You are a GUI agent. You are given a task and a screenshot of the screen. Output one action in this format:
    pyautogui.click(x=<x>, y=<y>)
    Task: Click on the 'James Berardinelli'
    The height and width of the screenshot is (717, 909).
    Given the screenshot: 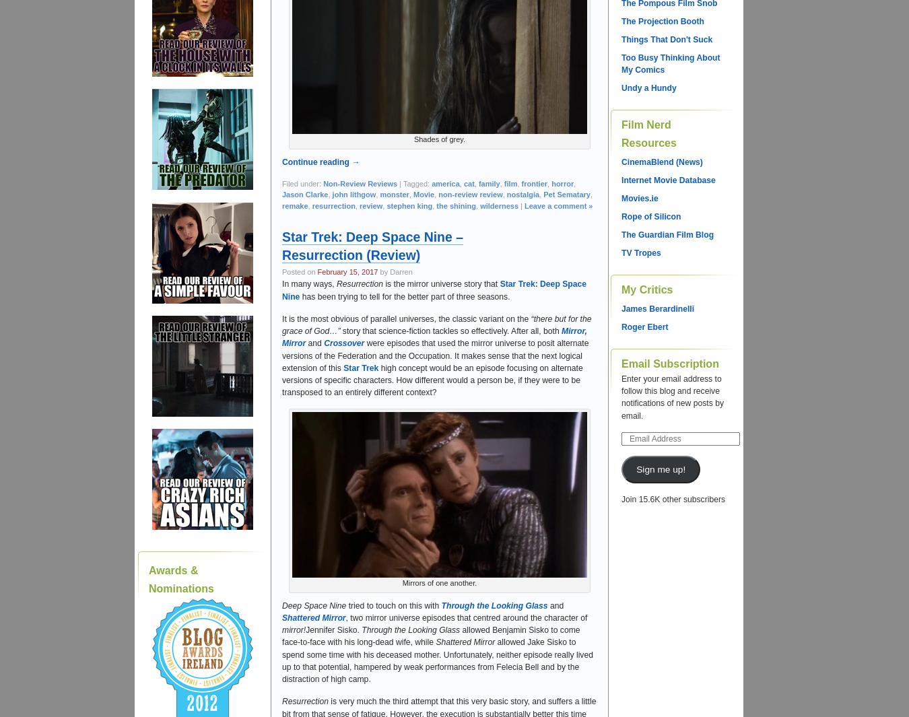 What is the action you would take?
    pyautogui.click(x=656, y=308)
    